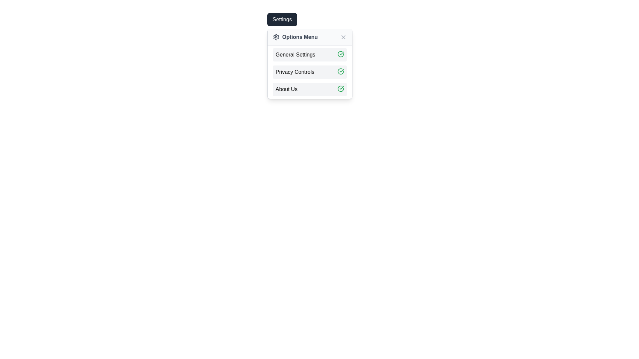 This screenshot has width=639, height=359. Describe the element at coordinates (343, 37) in the screenshot. I see `the close button icon located in the top right corner of the 'Options Menu' dropdown` at that location.